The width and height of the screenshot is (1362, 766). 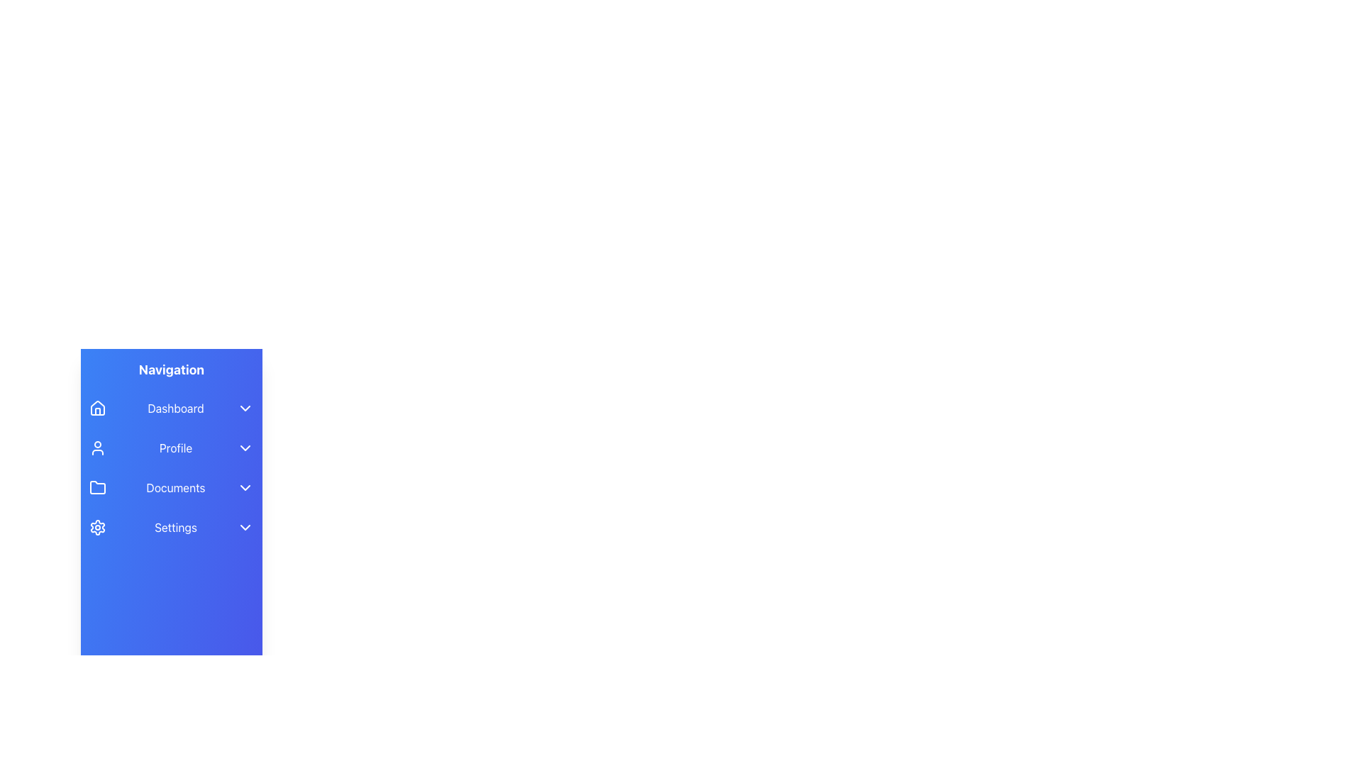 I want to click on the 'Dashboard' text label located in the vertical navigation menu, so click(x=175, y=408).